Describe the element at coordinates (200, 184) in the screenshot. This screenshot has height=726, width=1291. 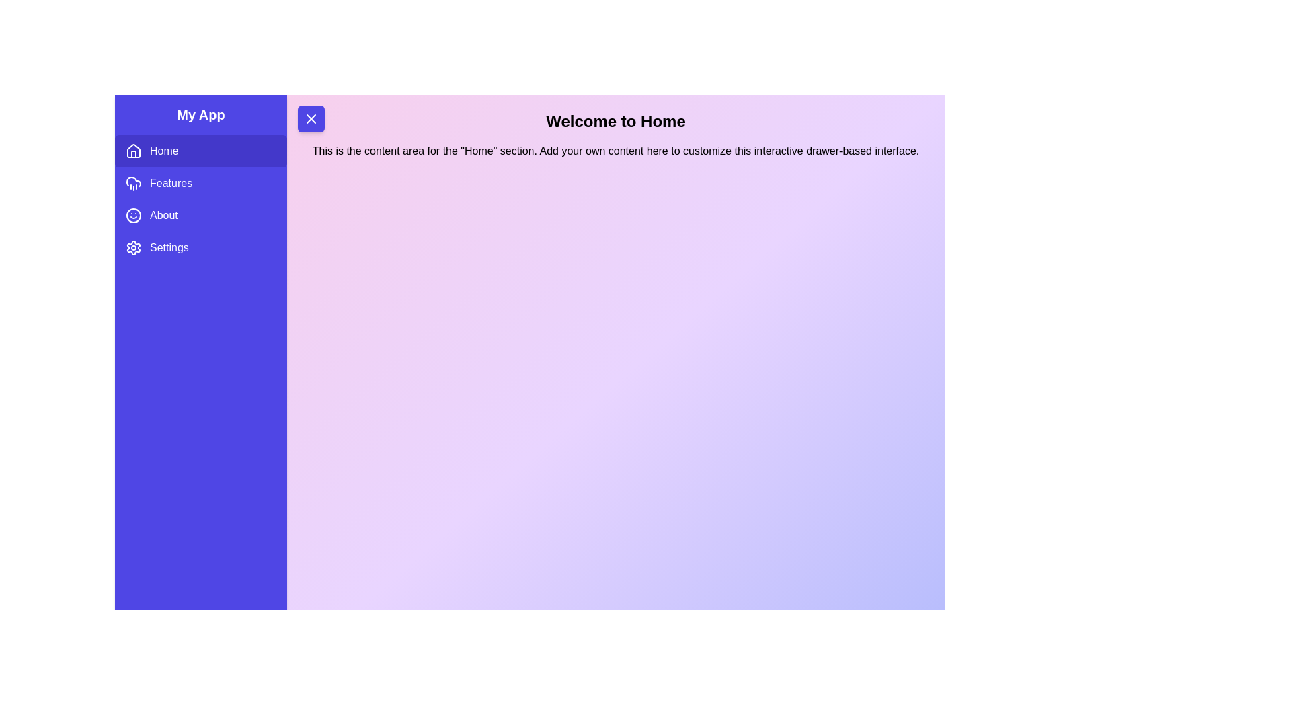
I see `the menu item Features in the sidebar` at that location.